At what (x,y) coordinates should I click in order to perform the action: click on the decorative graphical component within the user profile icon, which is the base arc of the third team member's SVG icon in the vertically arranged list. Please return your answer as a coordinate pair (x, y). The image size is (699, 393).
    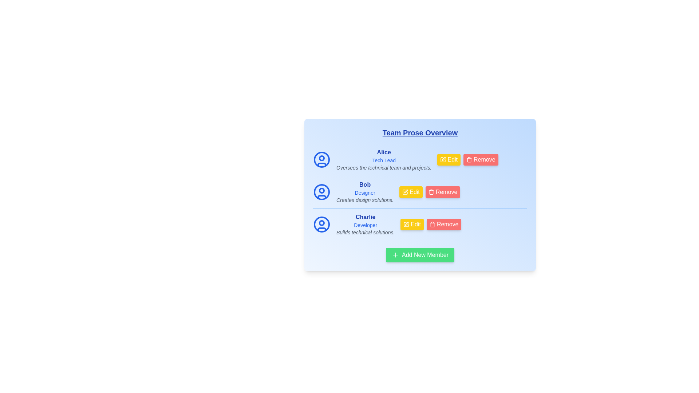
    Looking at the image, I should click on (321, 229).